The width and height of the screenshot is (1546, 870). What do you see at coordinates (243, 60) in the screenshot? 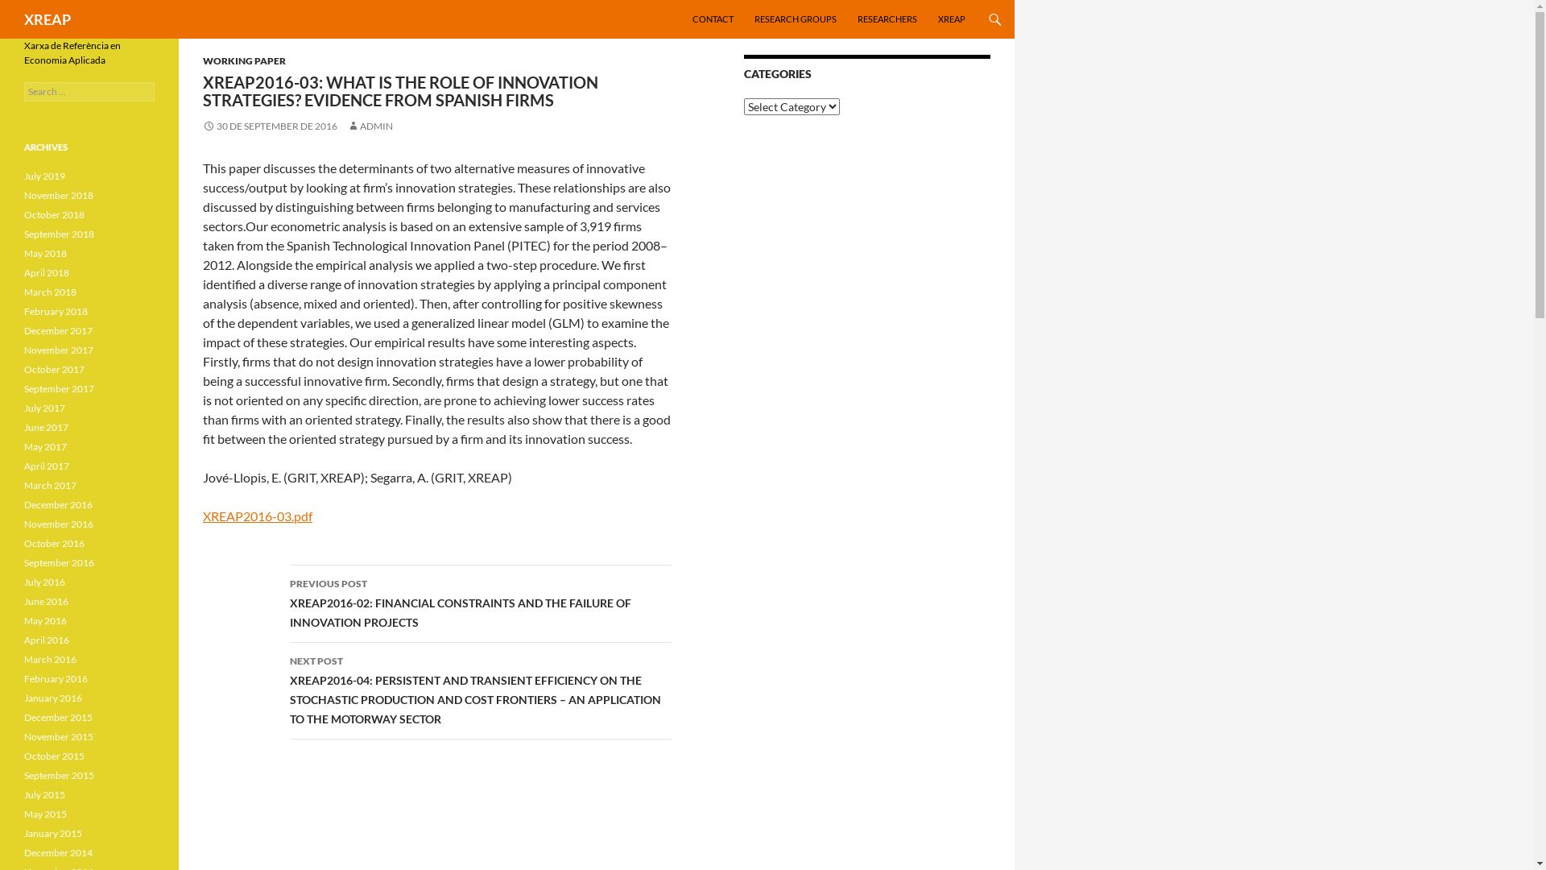
I see `'WORKING PAPER'` at bounding box center [243, 60].